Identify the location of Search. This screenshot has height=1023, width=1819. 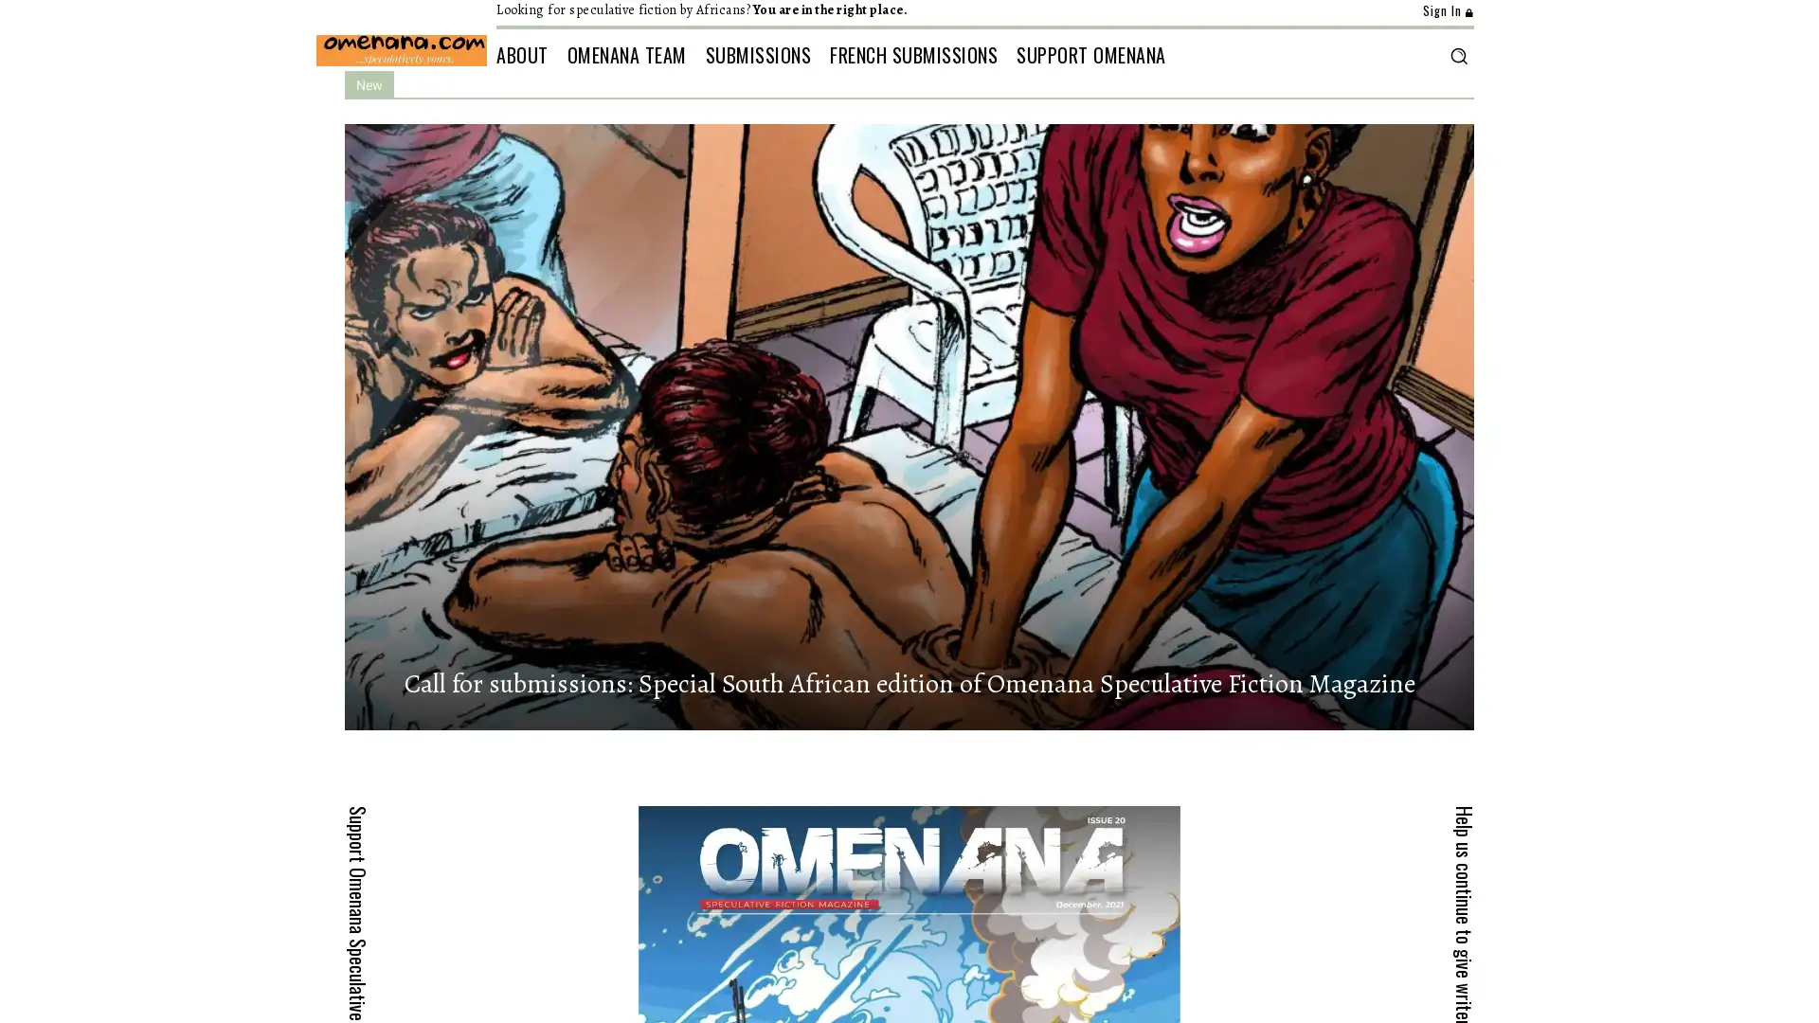
(1457, 54).